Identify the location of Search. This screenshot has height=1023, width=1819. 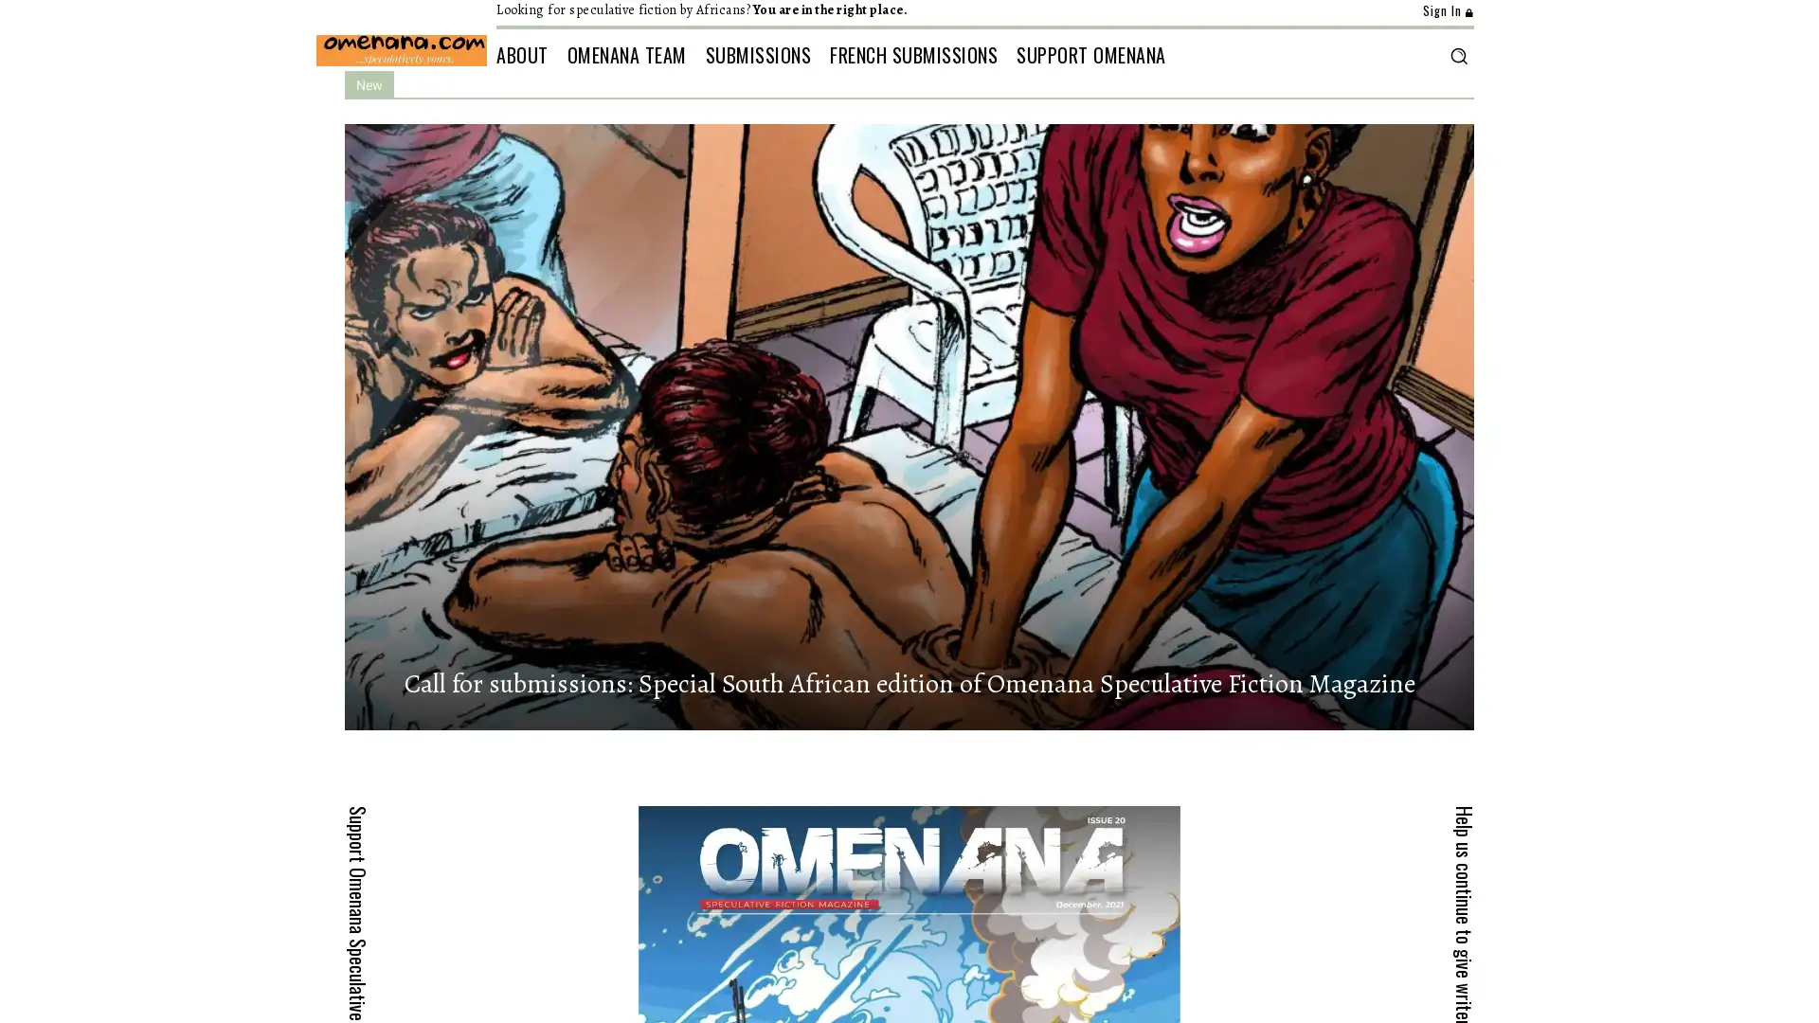
(1457, 54).